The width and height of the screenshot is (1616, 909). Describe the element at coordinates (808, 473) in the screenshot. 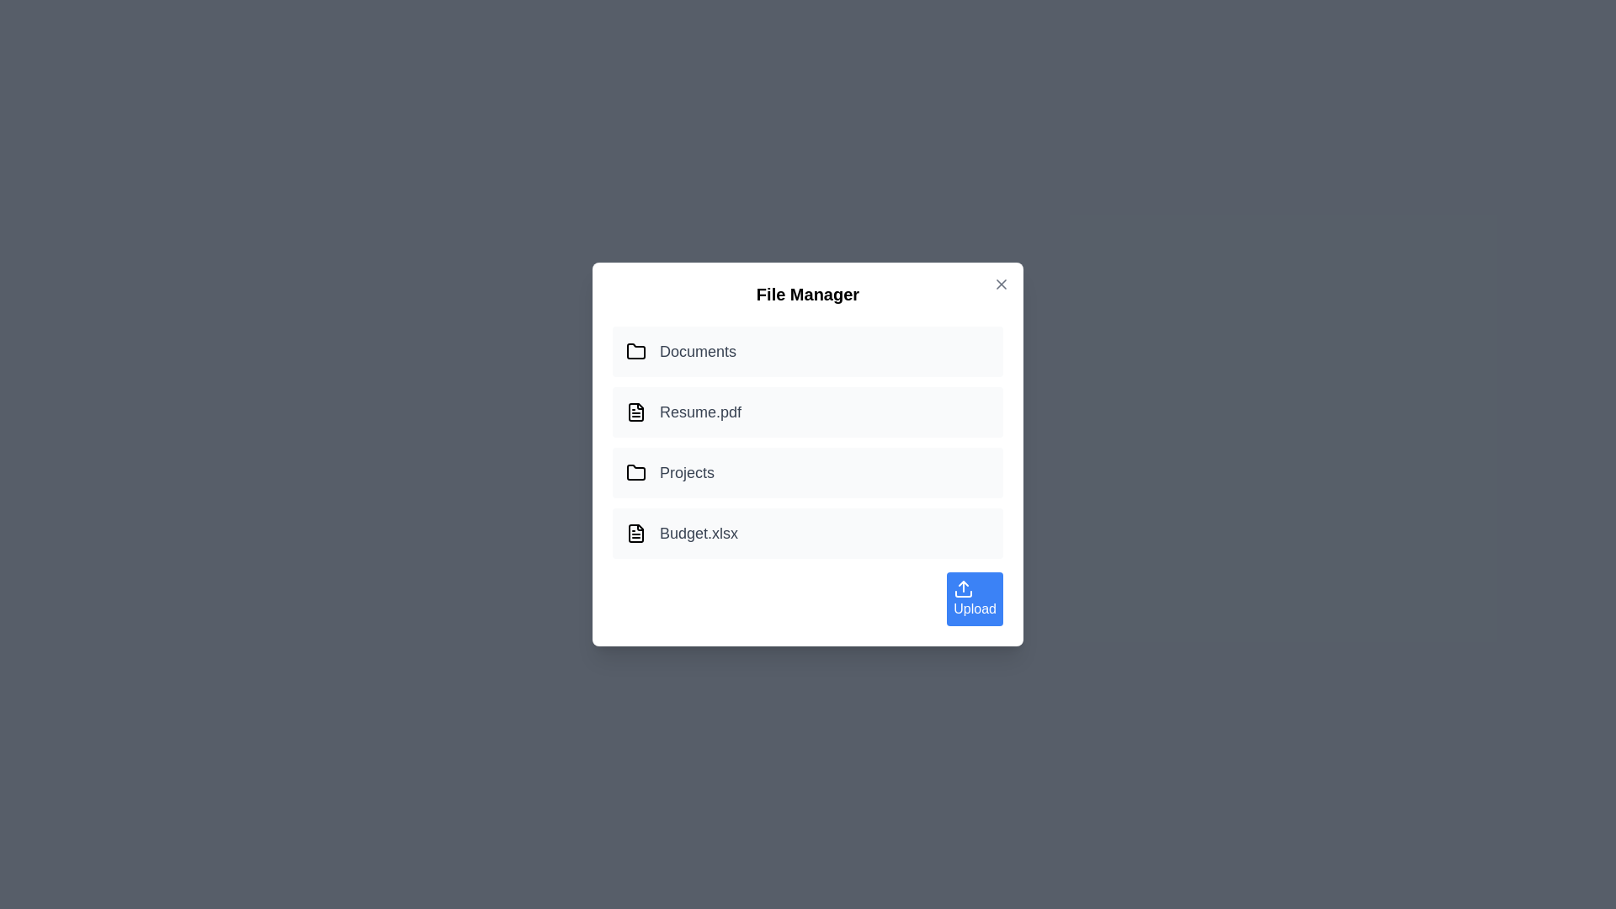

I see `the item Projects from the list` at that location.